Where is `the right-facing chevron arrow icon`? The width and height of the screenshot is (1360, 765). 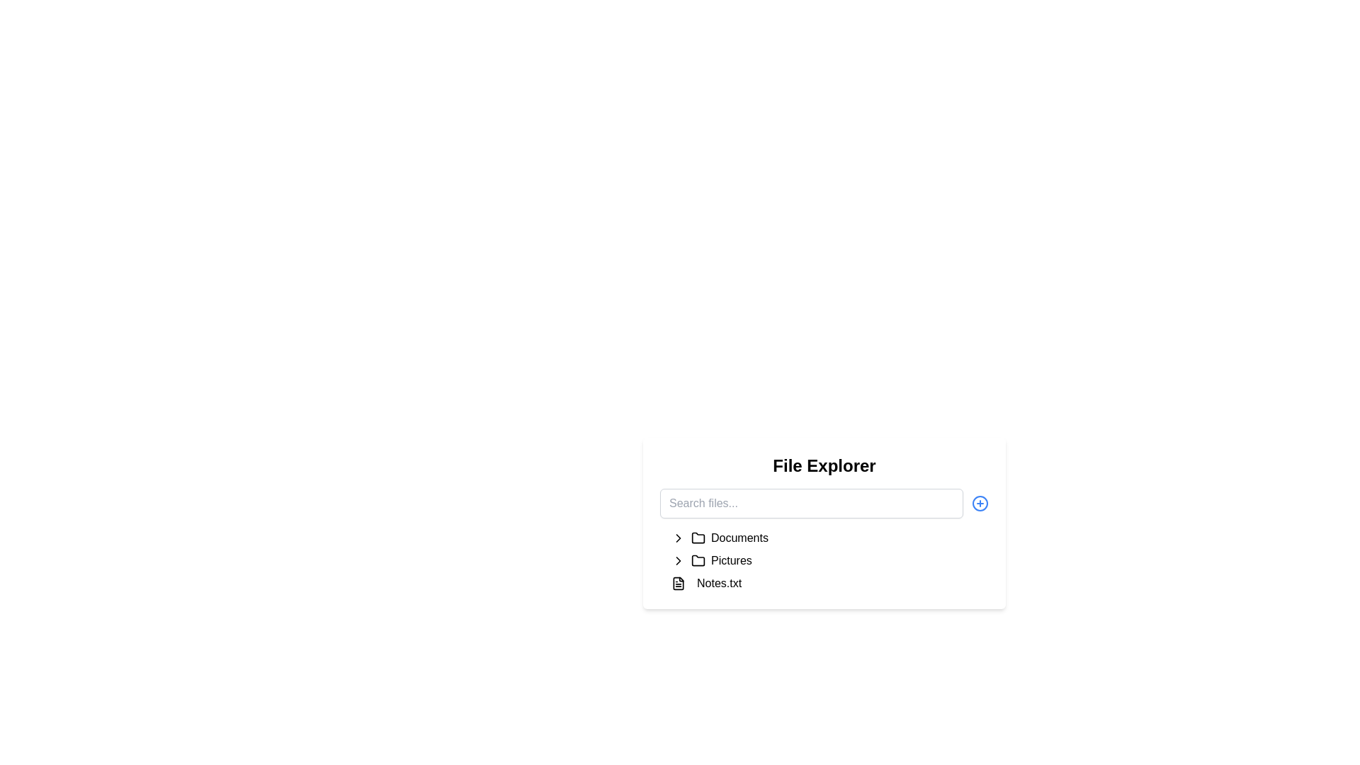 the right-facing chevron arrow icon is located at coordinates (678, 538).